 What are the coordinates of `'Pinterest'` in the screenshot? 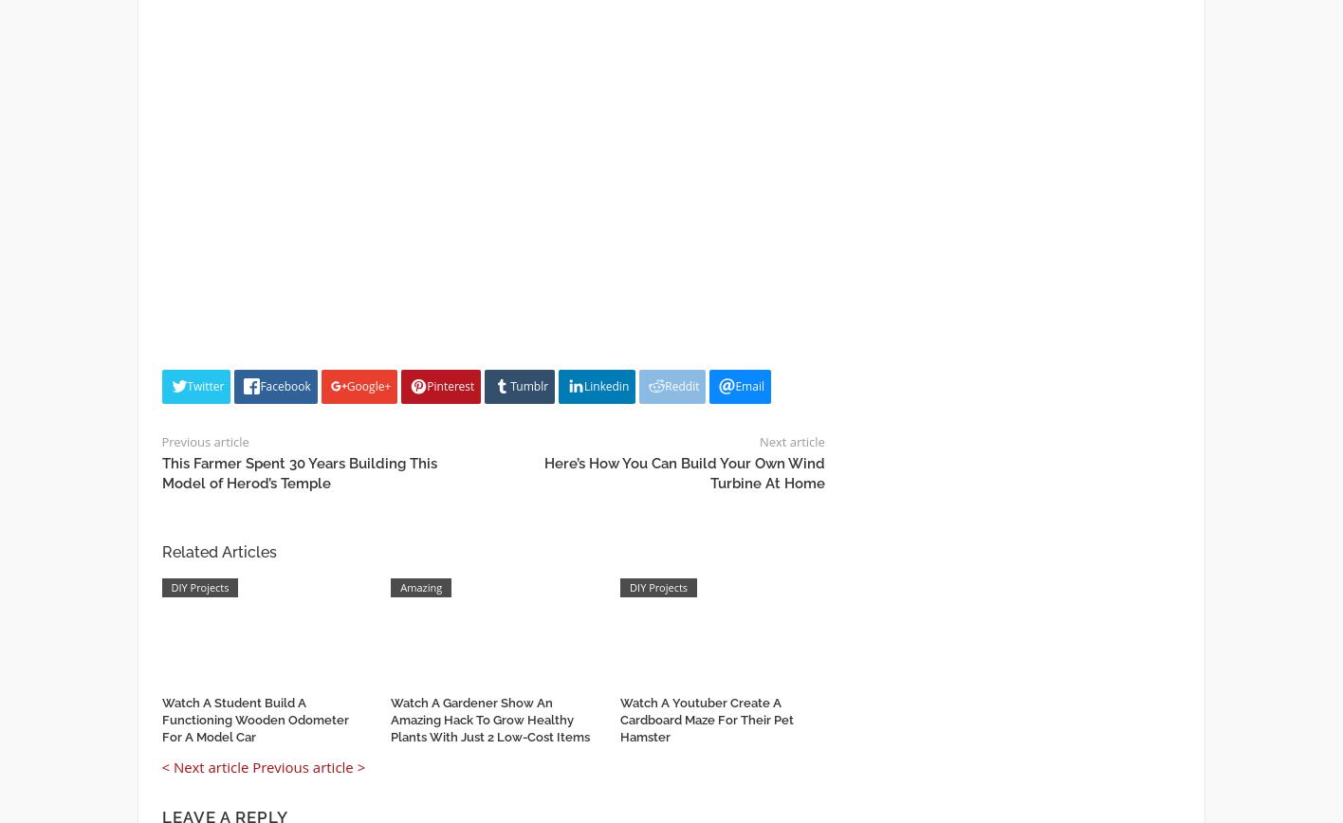 It's located at (451, 385).